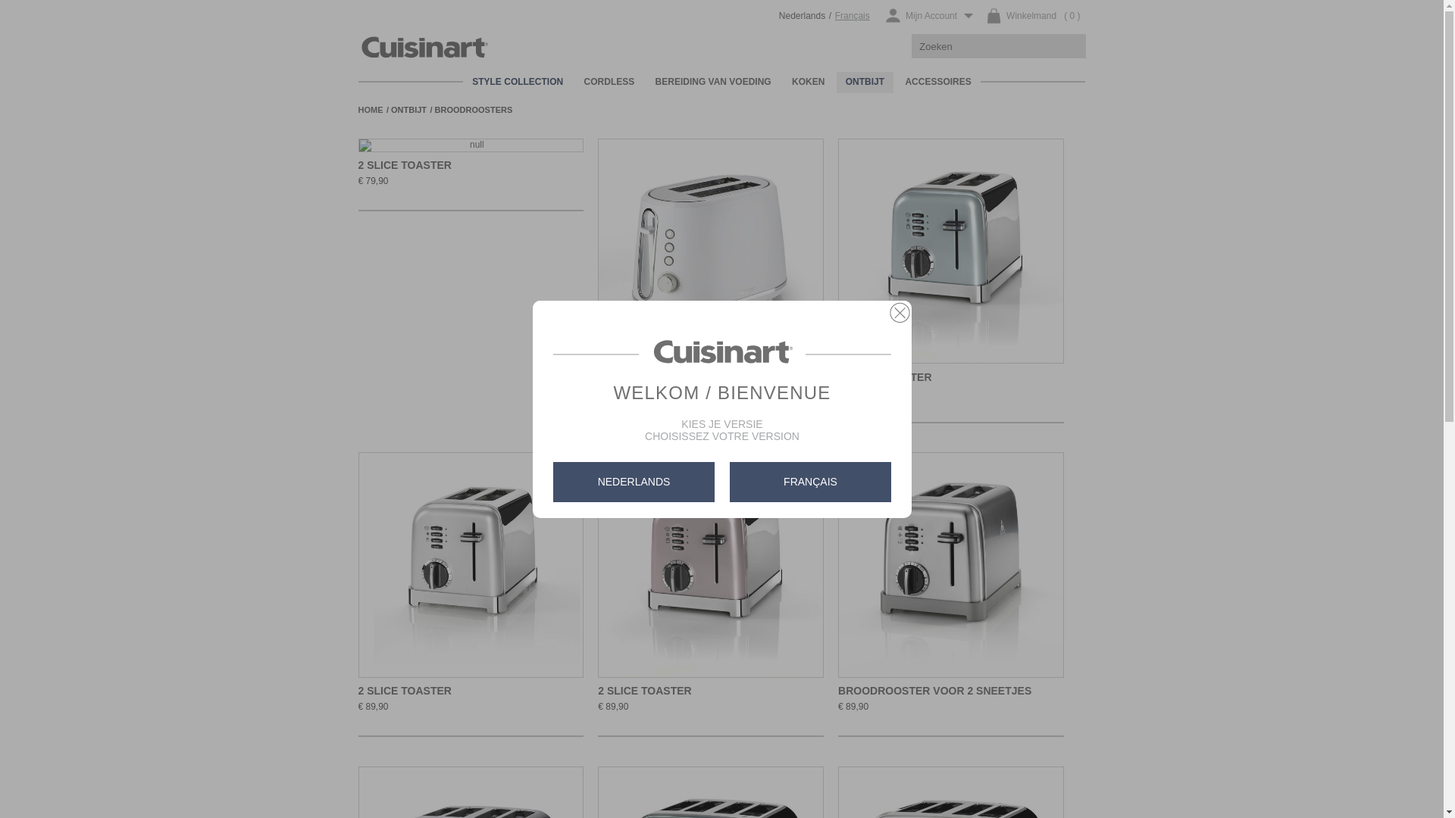 The image size is (1455, 818). I want to click on 'Ga naar het product: 2 Slice Toaster', so click(837, 250).